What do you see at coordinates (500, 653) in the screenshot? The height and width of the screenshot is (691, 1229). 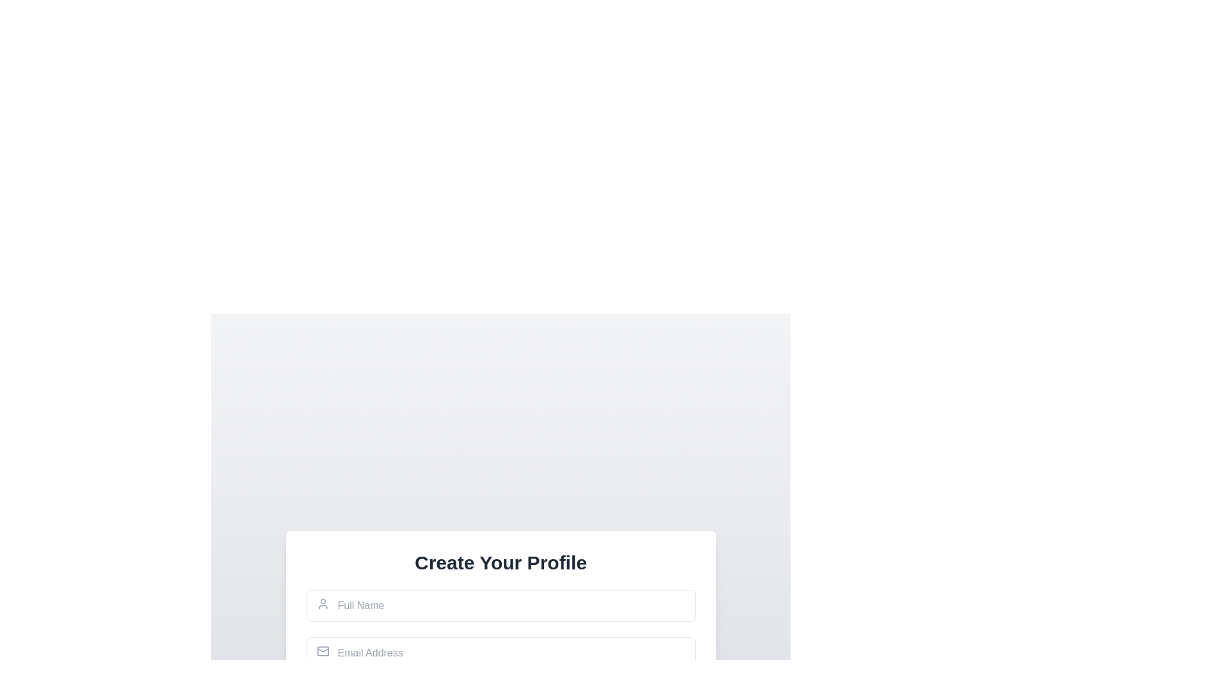 I see `the email input field located under the 'Create Your Profile' title` at bounding box center [500, 653].